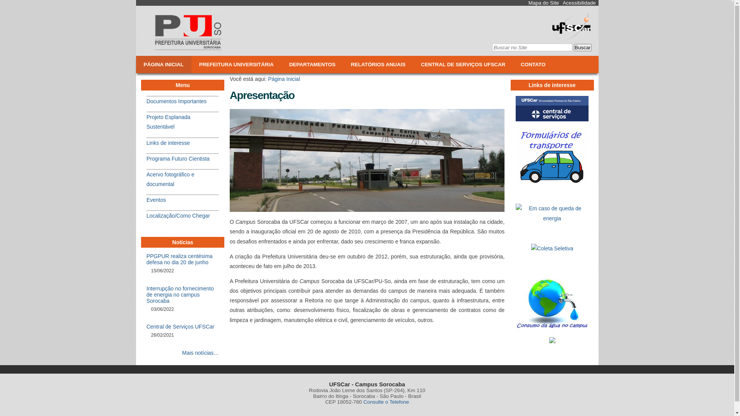  What do you see at coordinates (552, 248) in the screenshot?
I see `'Coleta seletiva 2'` at bounding box center [552, 248].